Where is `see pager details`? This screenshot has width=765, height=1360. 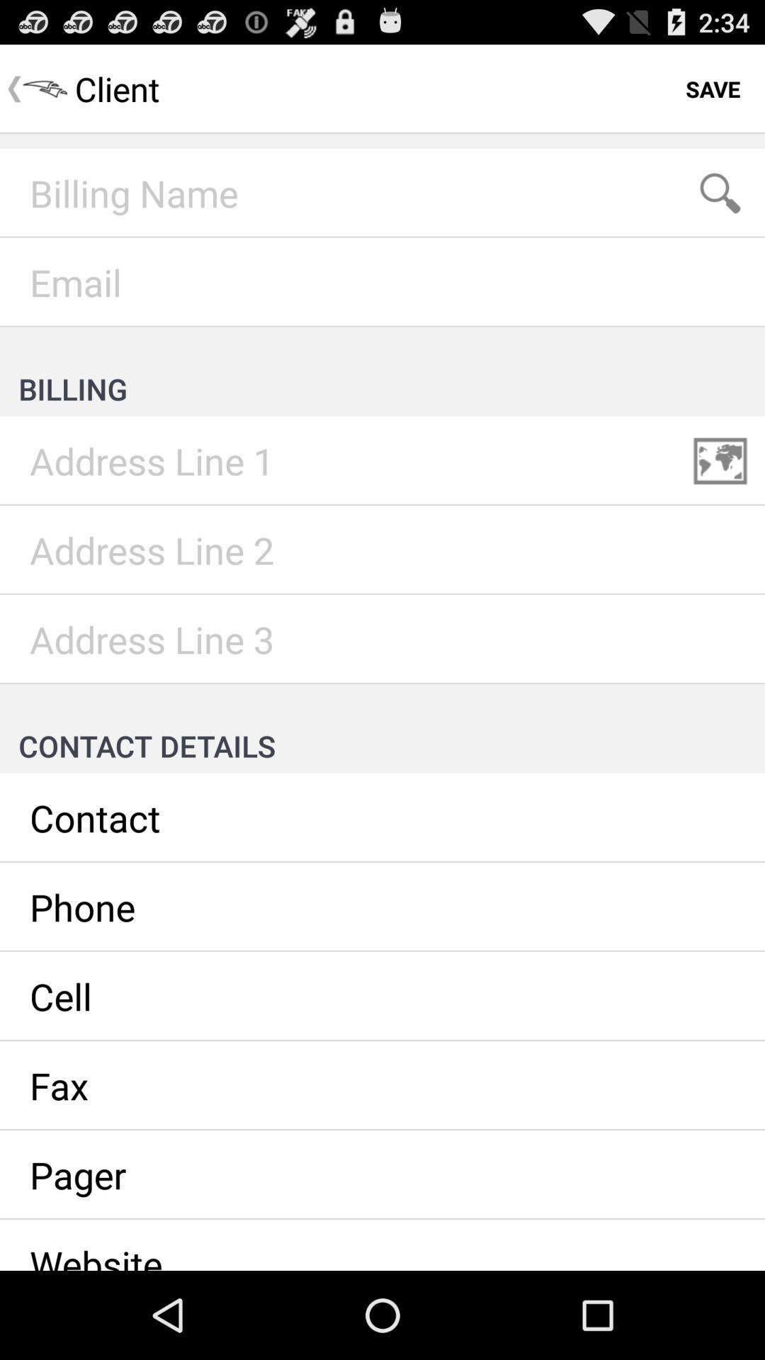 see pager details is located at coordinates (382, 1175).